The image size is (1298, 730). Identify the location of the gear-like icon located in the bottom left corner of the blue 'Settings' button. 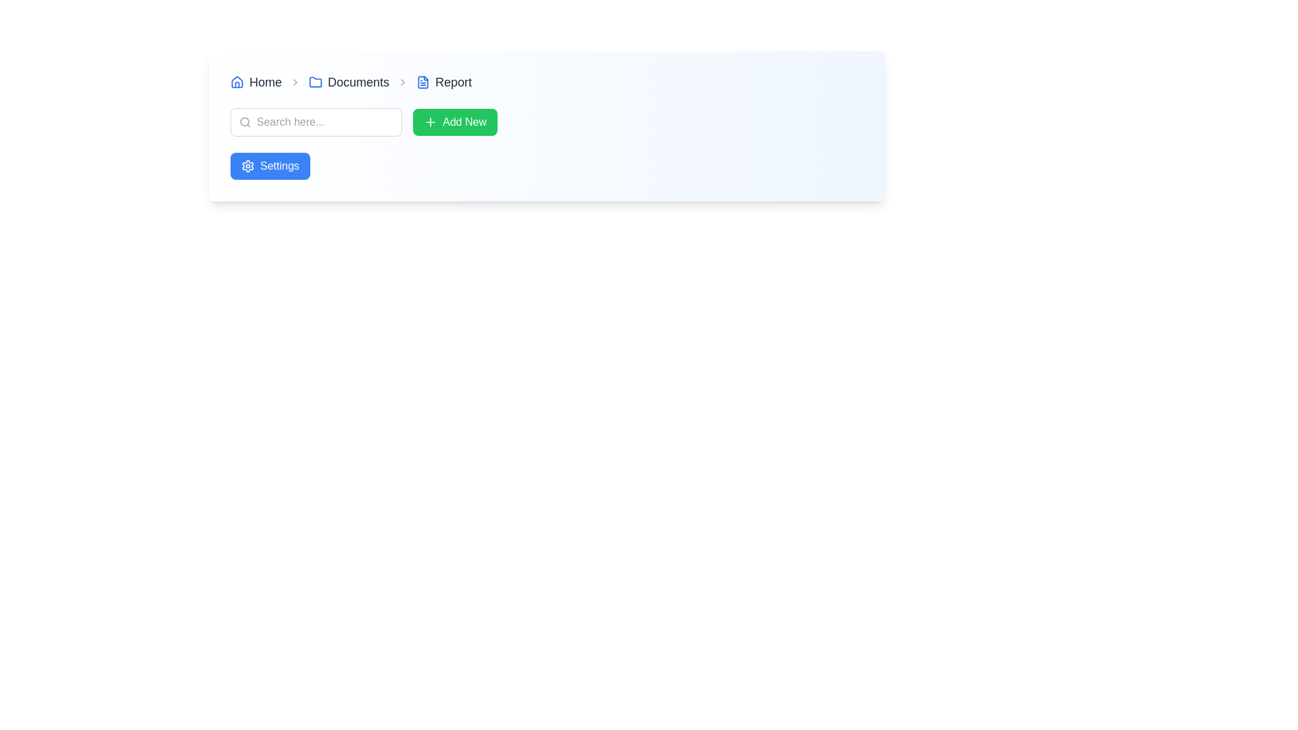
(247, 166).